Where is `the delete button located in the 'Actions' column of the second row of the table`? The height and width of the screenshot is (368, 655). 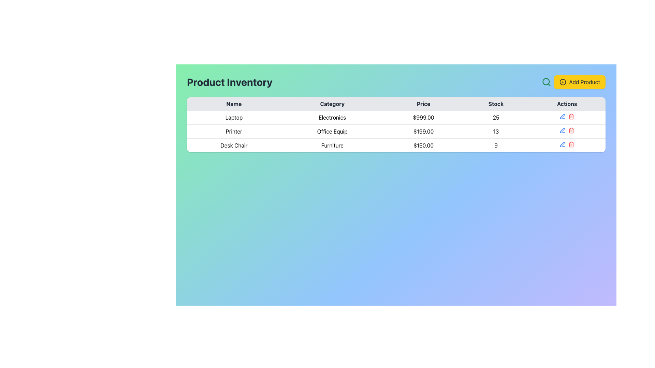 the delete button located in the 'Actions' column of the second row of the table is located at coordinates (571, 130).